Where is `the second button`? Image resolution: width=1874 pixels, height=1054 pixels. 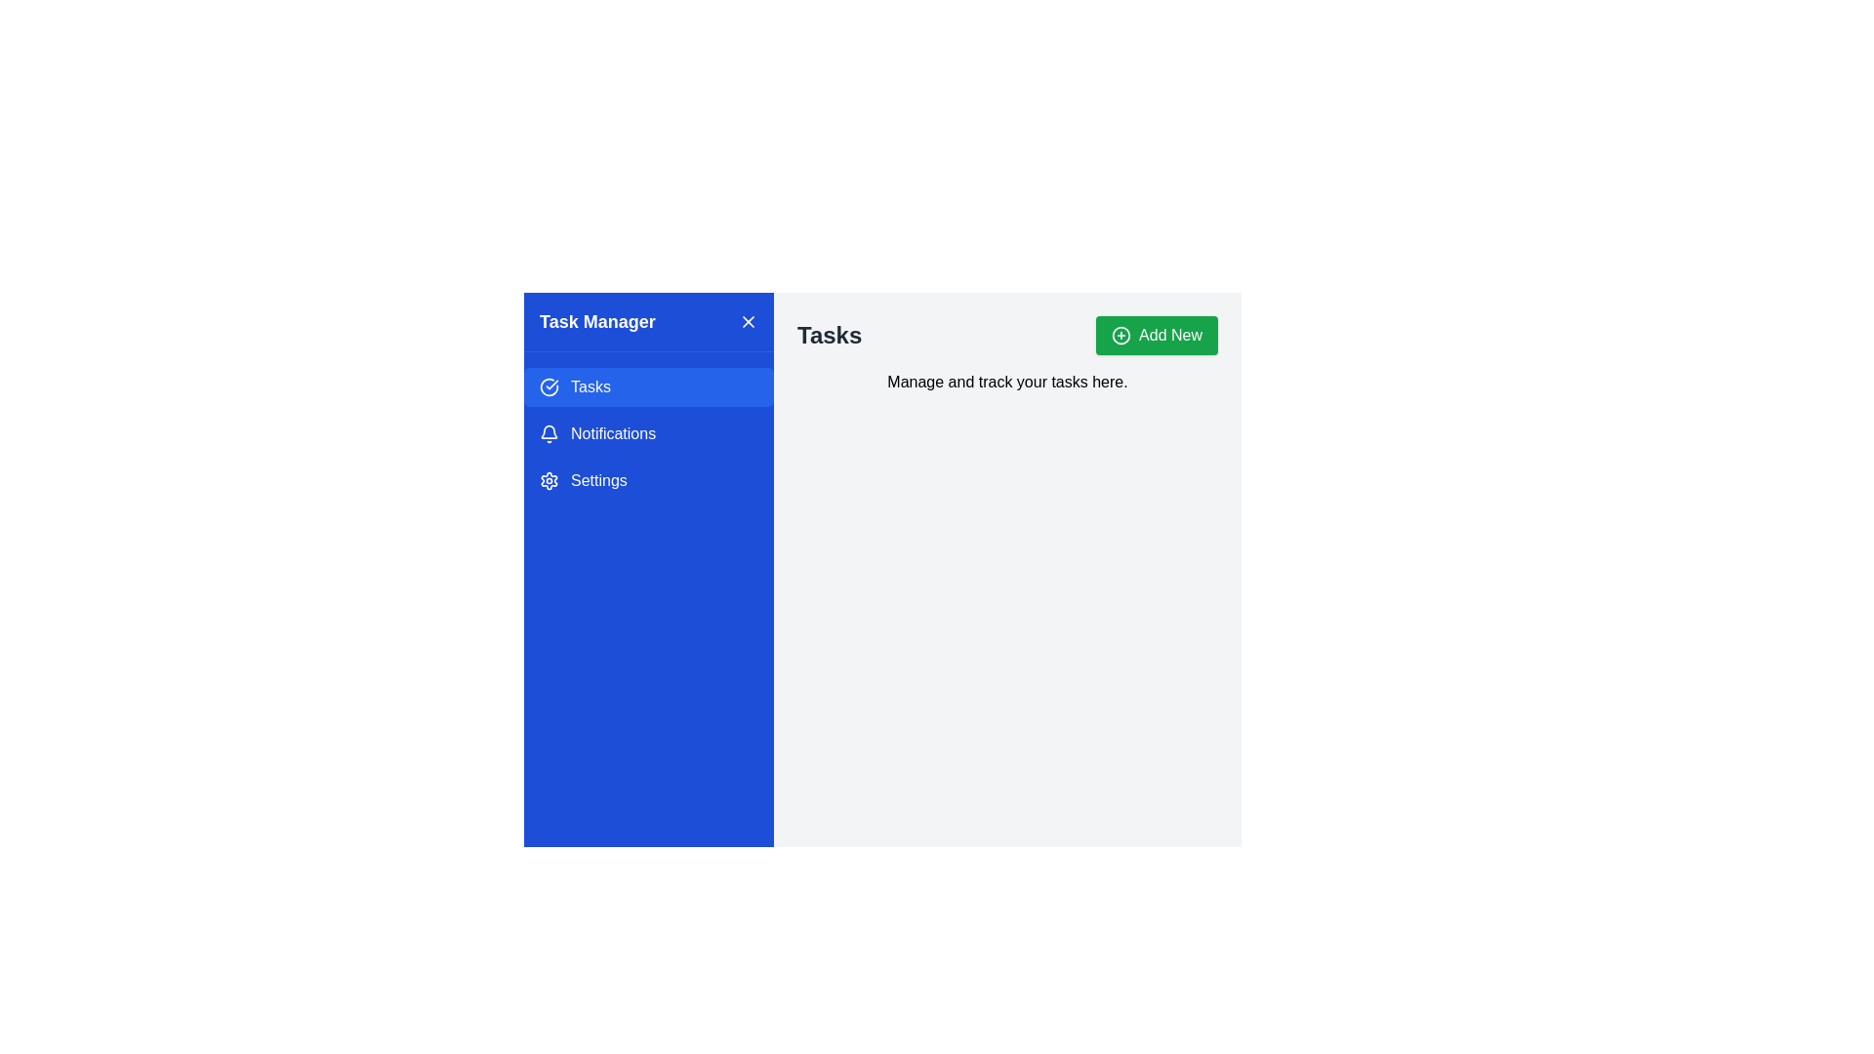 the second button is located at coordinates (649, 432).